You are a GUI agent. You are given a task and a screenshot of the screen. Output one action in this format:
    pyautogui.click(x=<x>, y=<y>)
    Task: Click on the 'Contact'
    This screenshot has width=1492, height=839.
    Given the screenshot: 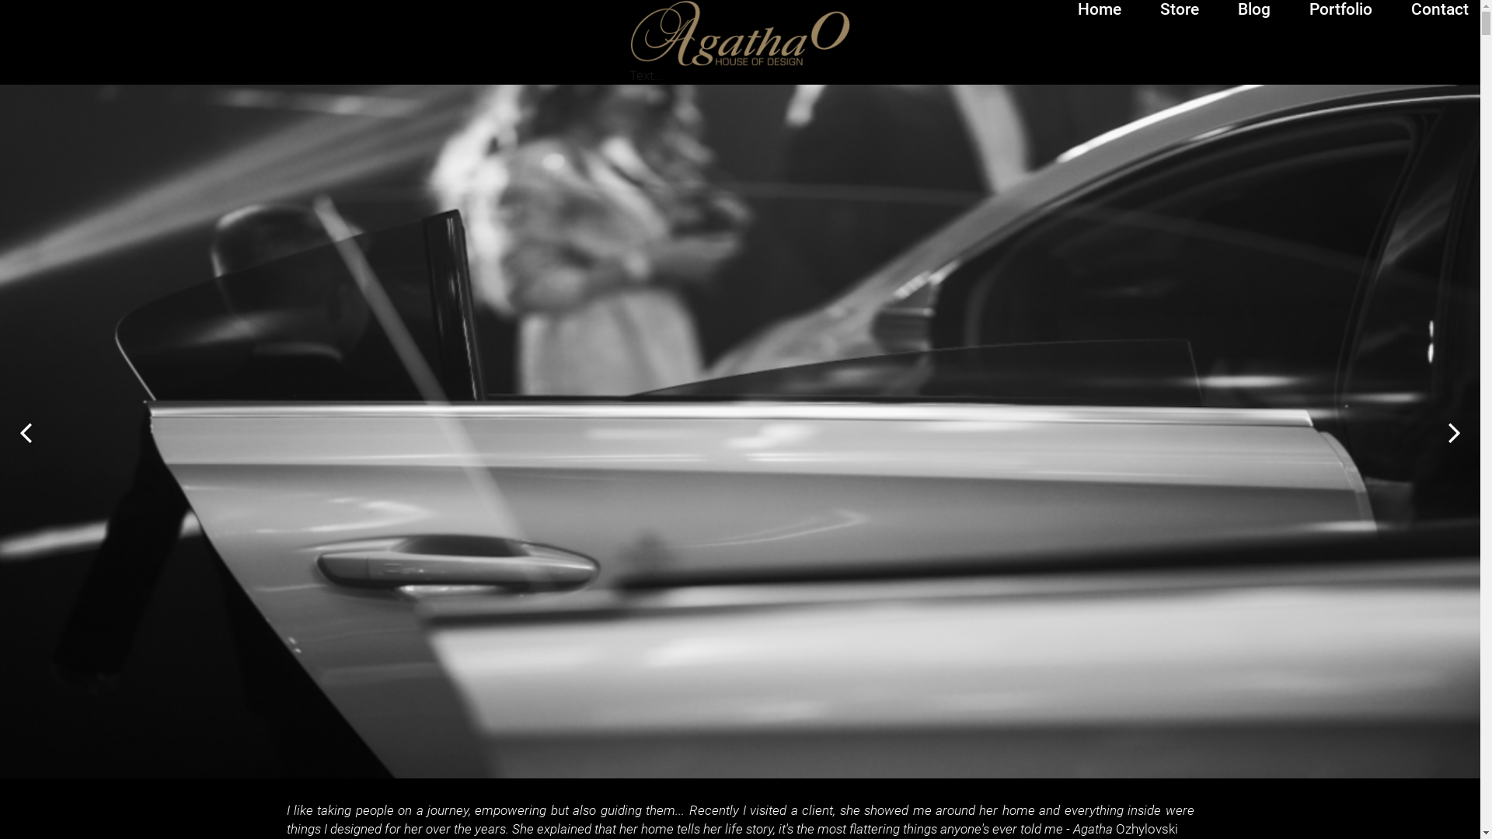 What is the action you would take?
    pyautogui.click(x=1438, y=9)
    